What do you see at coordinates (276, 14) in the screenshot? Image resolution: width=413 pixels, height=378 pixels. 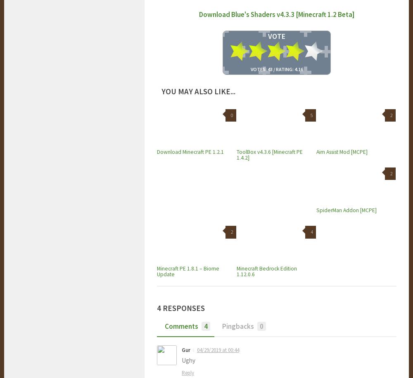 I see `'Download Blue's Shaders v4.3.3 [Minecraft 1.2 Beta]'` at bounding box center [276, 14].